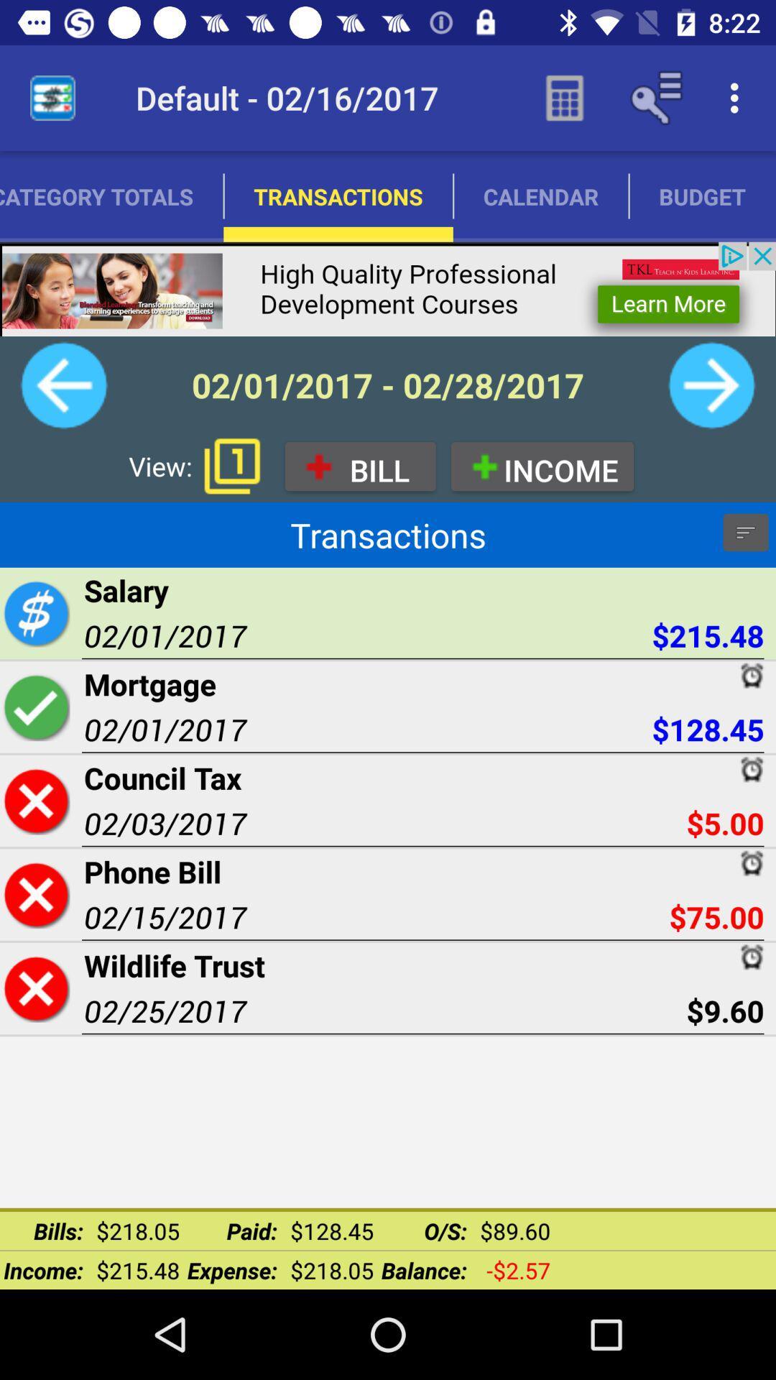 The height and width of the screenshot is (1380, 776). Describe the element at coordinates (231, 466) in the screenshot. I see `show transaction 1` at that location.